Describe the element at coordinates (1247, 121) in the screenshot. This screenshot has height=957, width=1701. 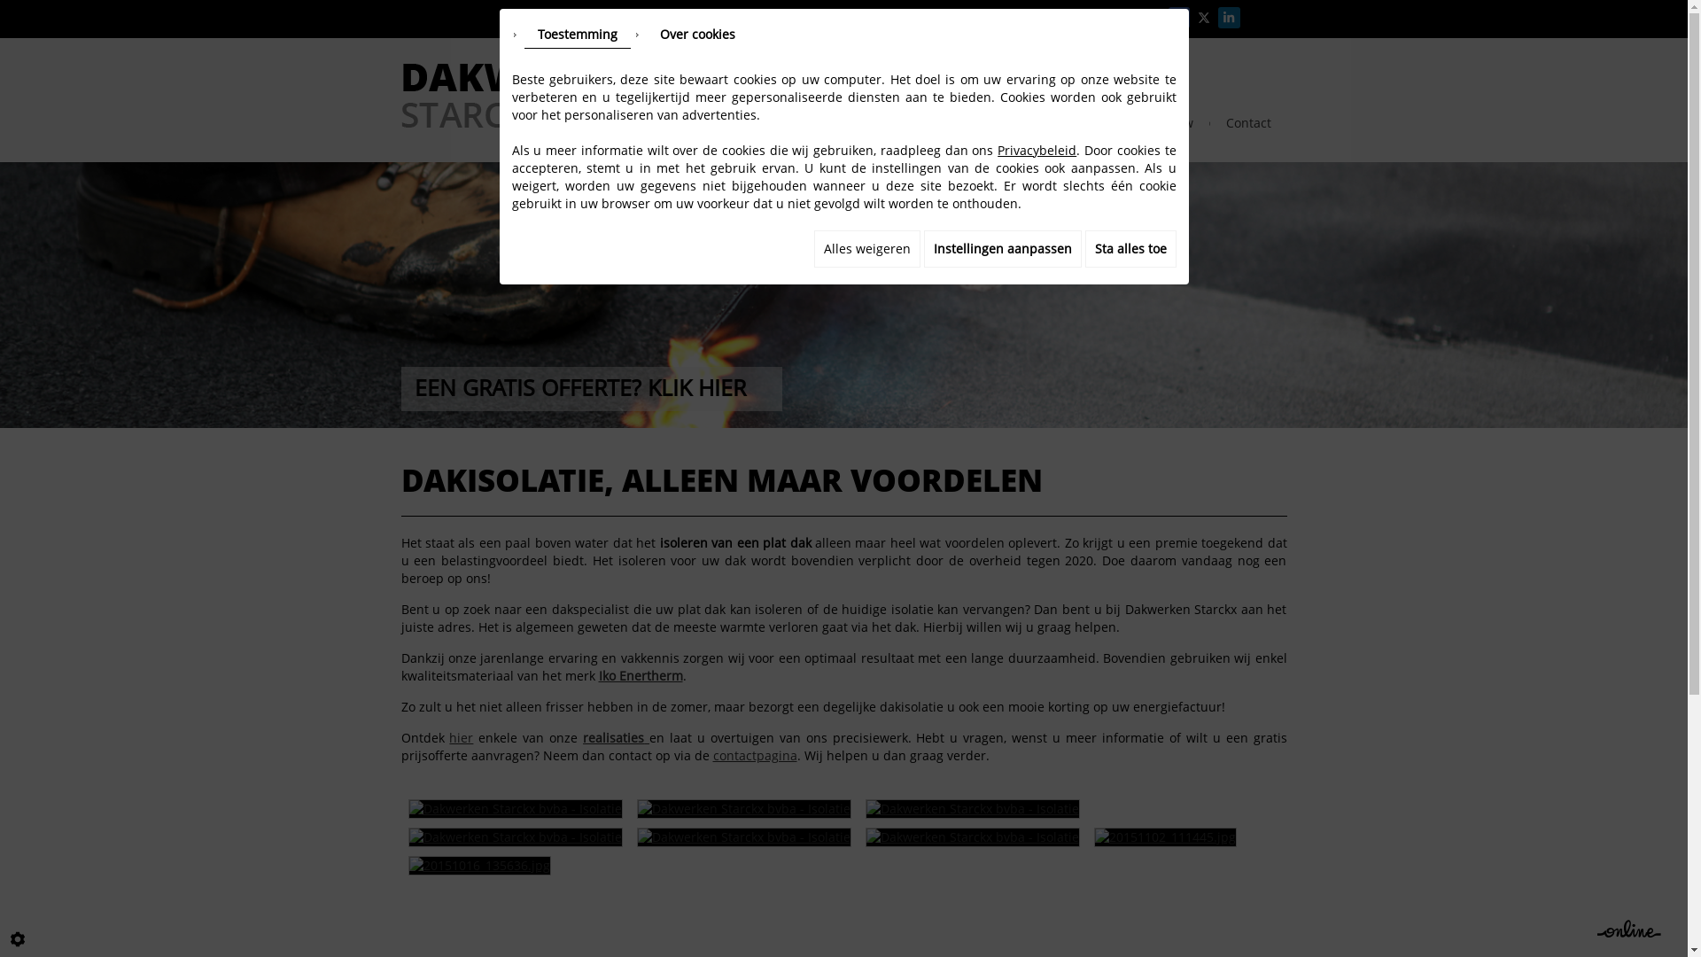
I see `'Contact'` at that location.